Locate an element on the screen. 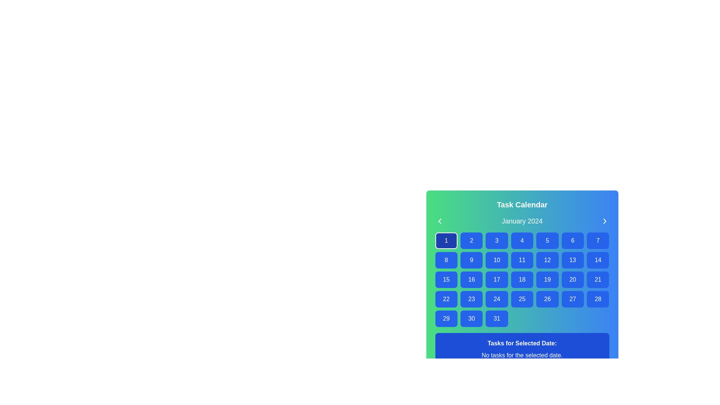  the Chevron Icon Button located at the top left corner of the calendar interface, used for navigating to the previous month is located at coordinates (439, 221).